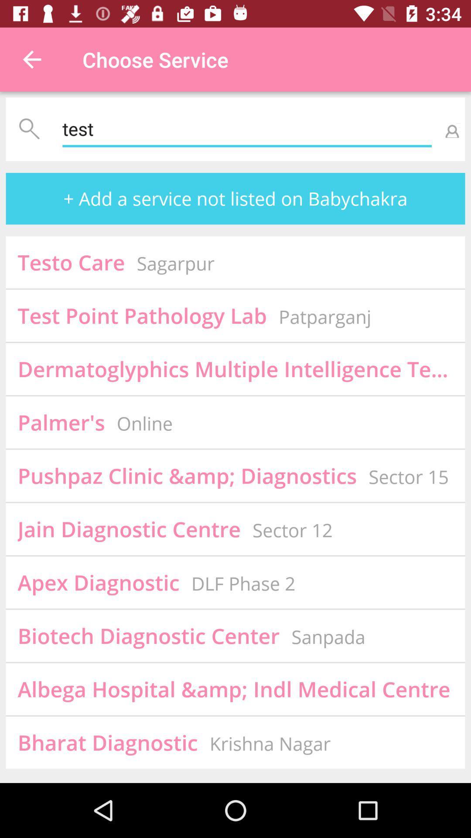 Image resolution: width=471 pixels, height=838 pixels. I want to click on item next to sector 15, so click(187, 475).